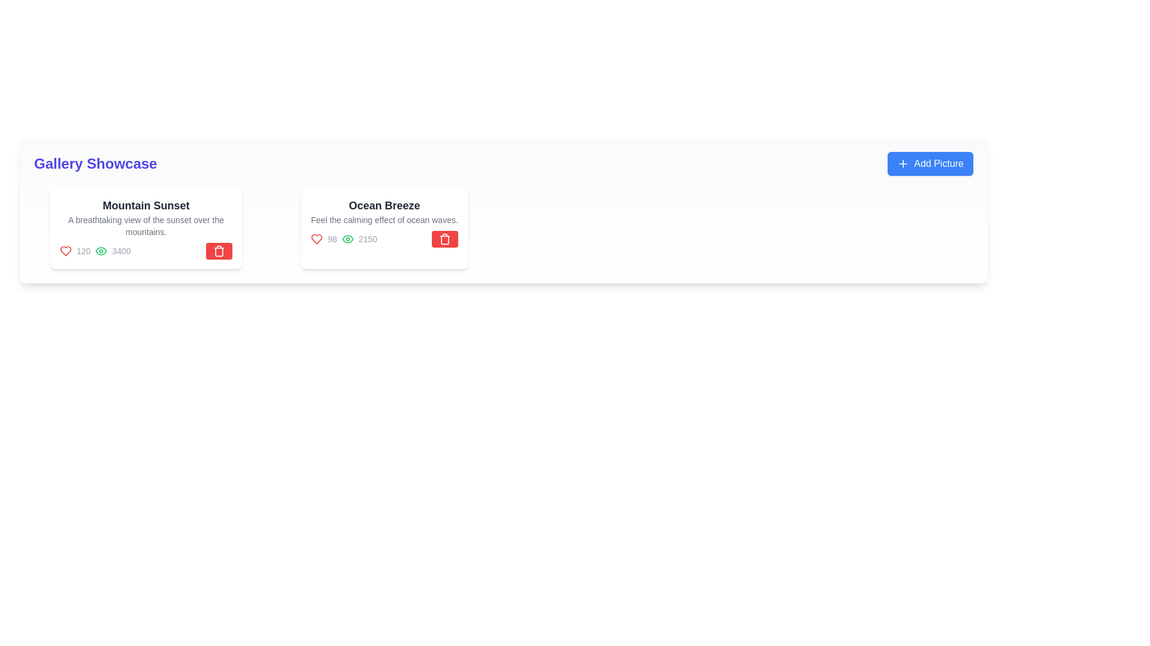  What do you see at coordinates (219, 251) in the screenshot?
I see `the red trash can icon located in the bottom right corner of the 'Ocean Breeze' card` at bounding box center [219, 251].